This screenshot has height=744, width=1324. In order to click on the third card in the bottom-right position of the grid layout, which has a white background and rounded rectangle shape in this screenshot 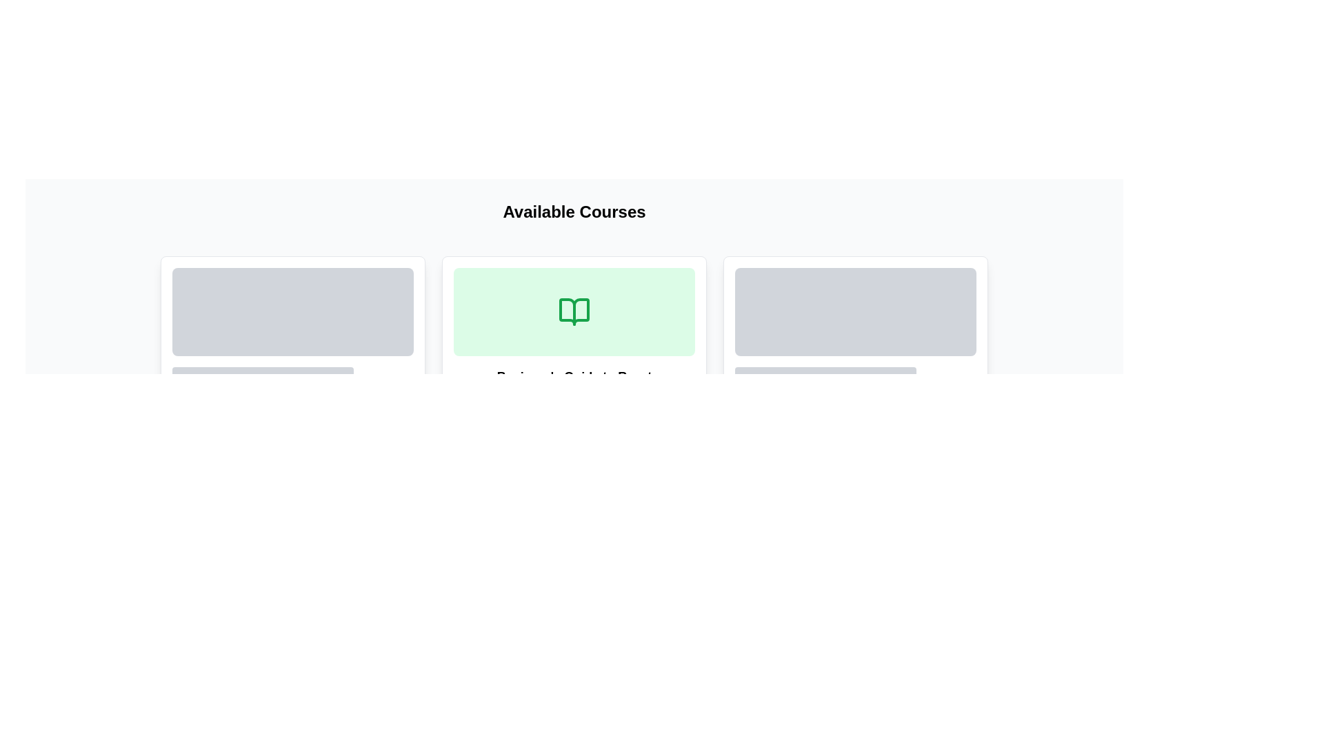, I will do `click(855, 354)`.